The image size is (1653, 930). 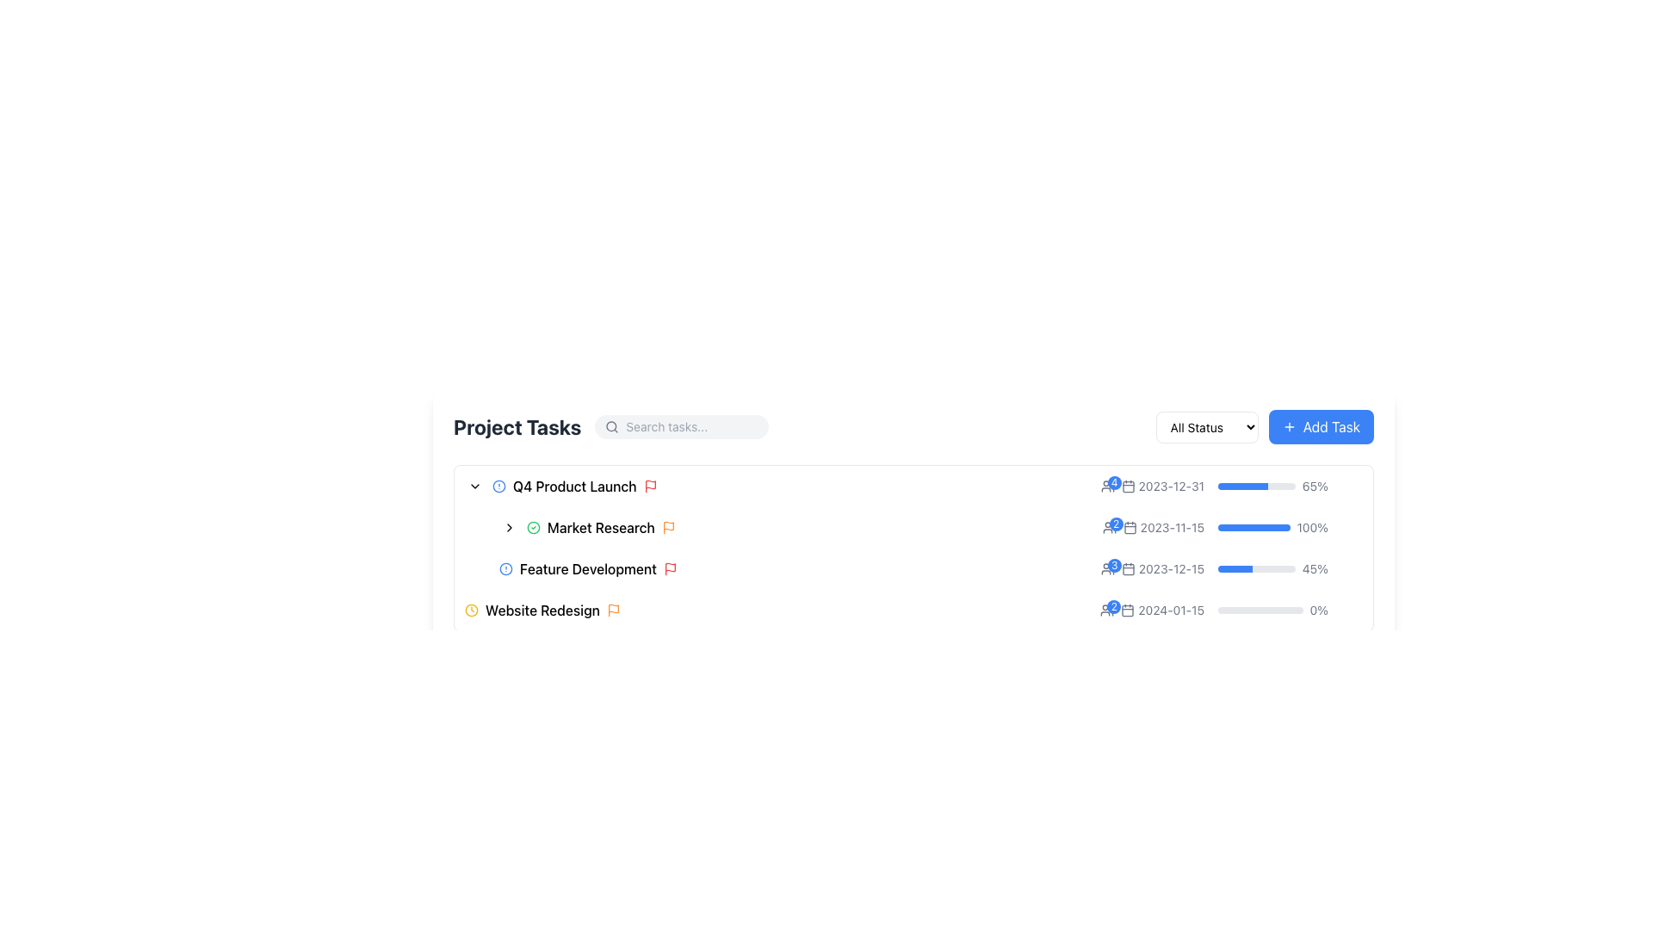 I want to click on the 'Feature Development' task element in the 'Project Tasks' section, so click(x=799, y=568).